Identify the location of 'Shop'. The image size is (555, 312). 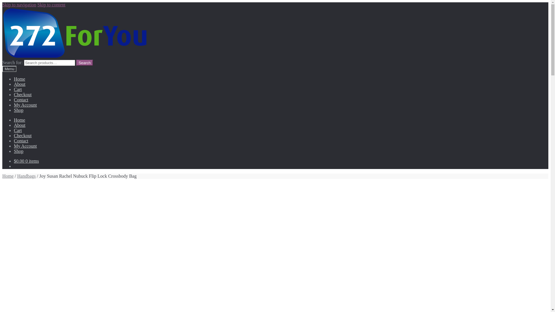
(18, 151).